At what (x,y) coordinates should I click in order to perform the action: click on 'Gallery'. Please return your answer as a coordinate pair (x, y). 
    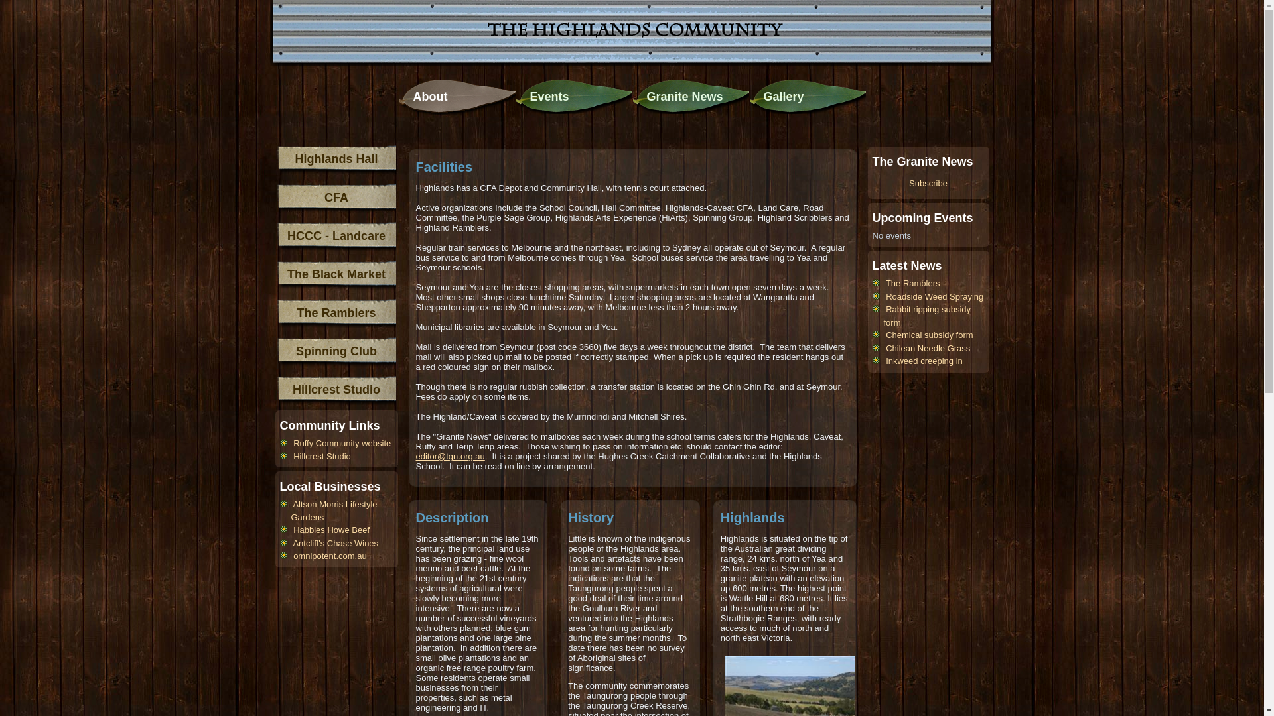
    Looking at the image, I should click on (806, 96).